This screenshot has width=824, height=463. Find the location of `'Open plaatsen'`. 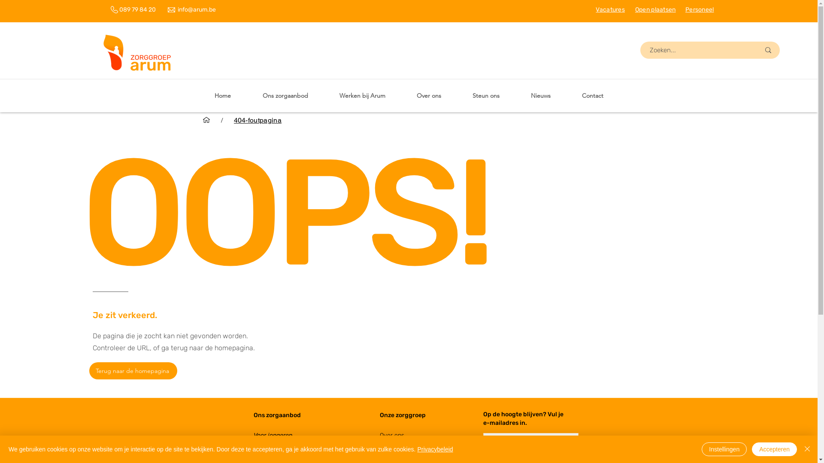

'Open plaatsen' is located at coordinates (635, 9).